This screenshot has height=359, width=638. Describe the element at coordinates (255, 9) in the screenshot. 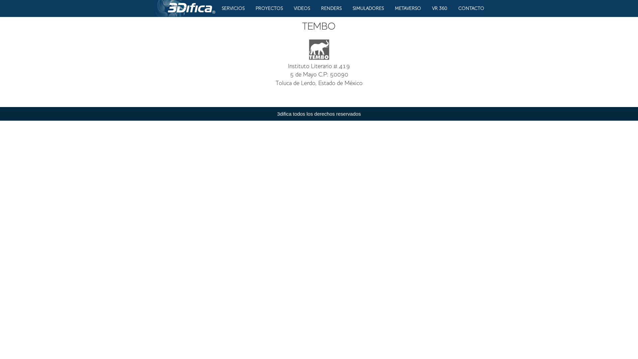

I see `'PROYECTOS'` at that location.